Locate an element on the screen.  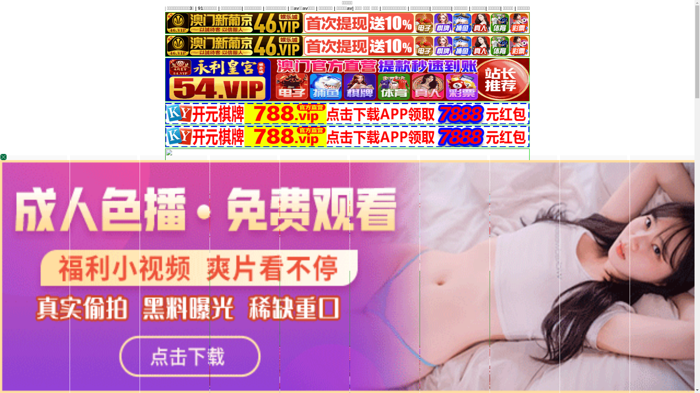
'www.gxht168.com' is located at coordinates (502, 251).